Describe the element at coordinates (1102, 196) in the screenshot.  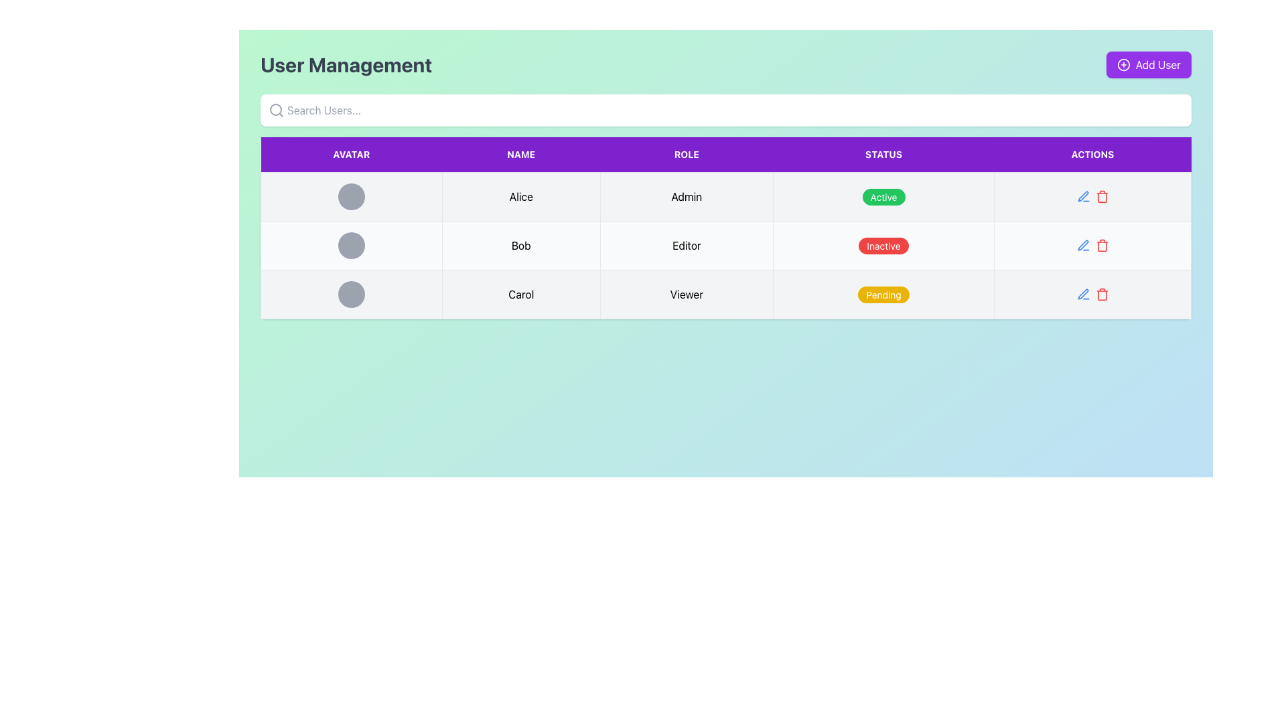
I see `the red trash can icon button located in the 'Actions' column of the user management table` at that location.